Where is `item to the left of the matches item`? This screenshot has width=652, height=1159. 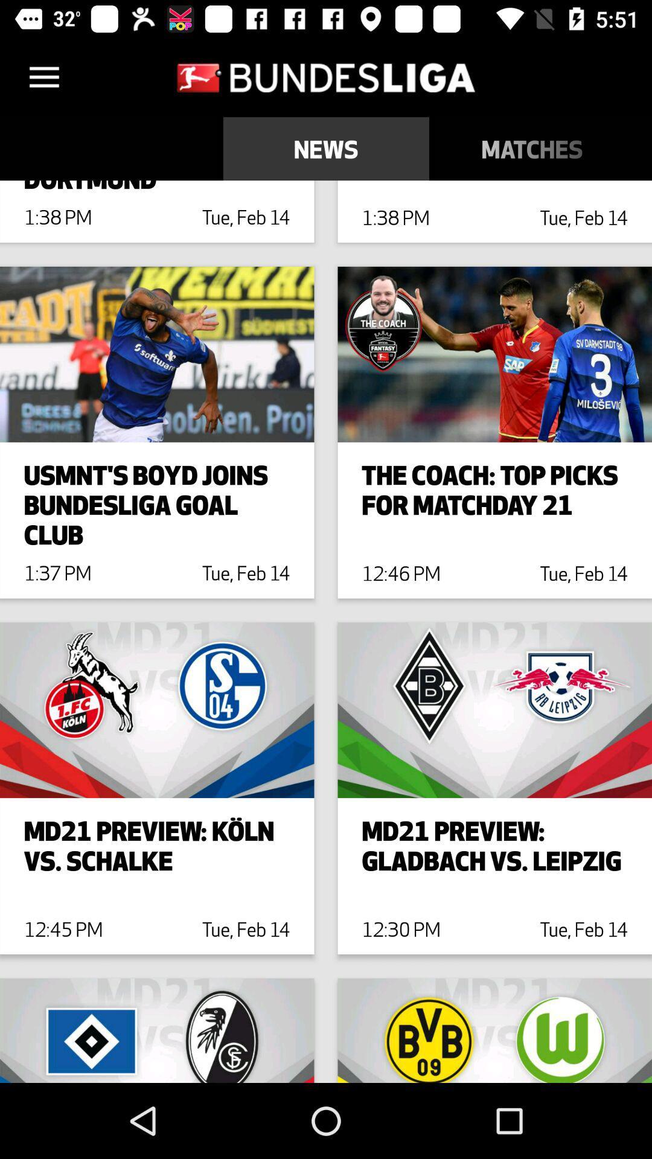
item to the left of the matches item is located at coordinates (326, 148).